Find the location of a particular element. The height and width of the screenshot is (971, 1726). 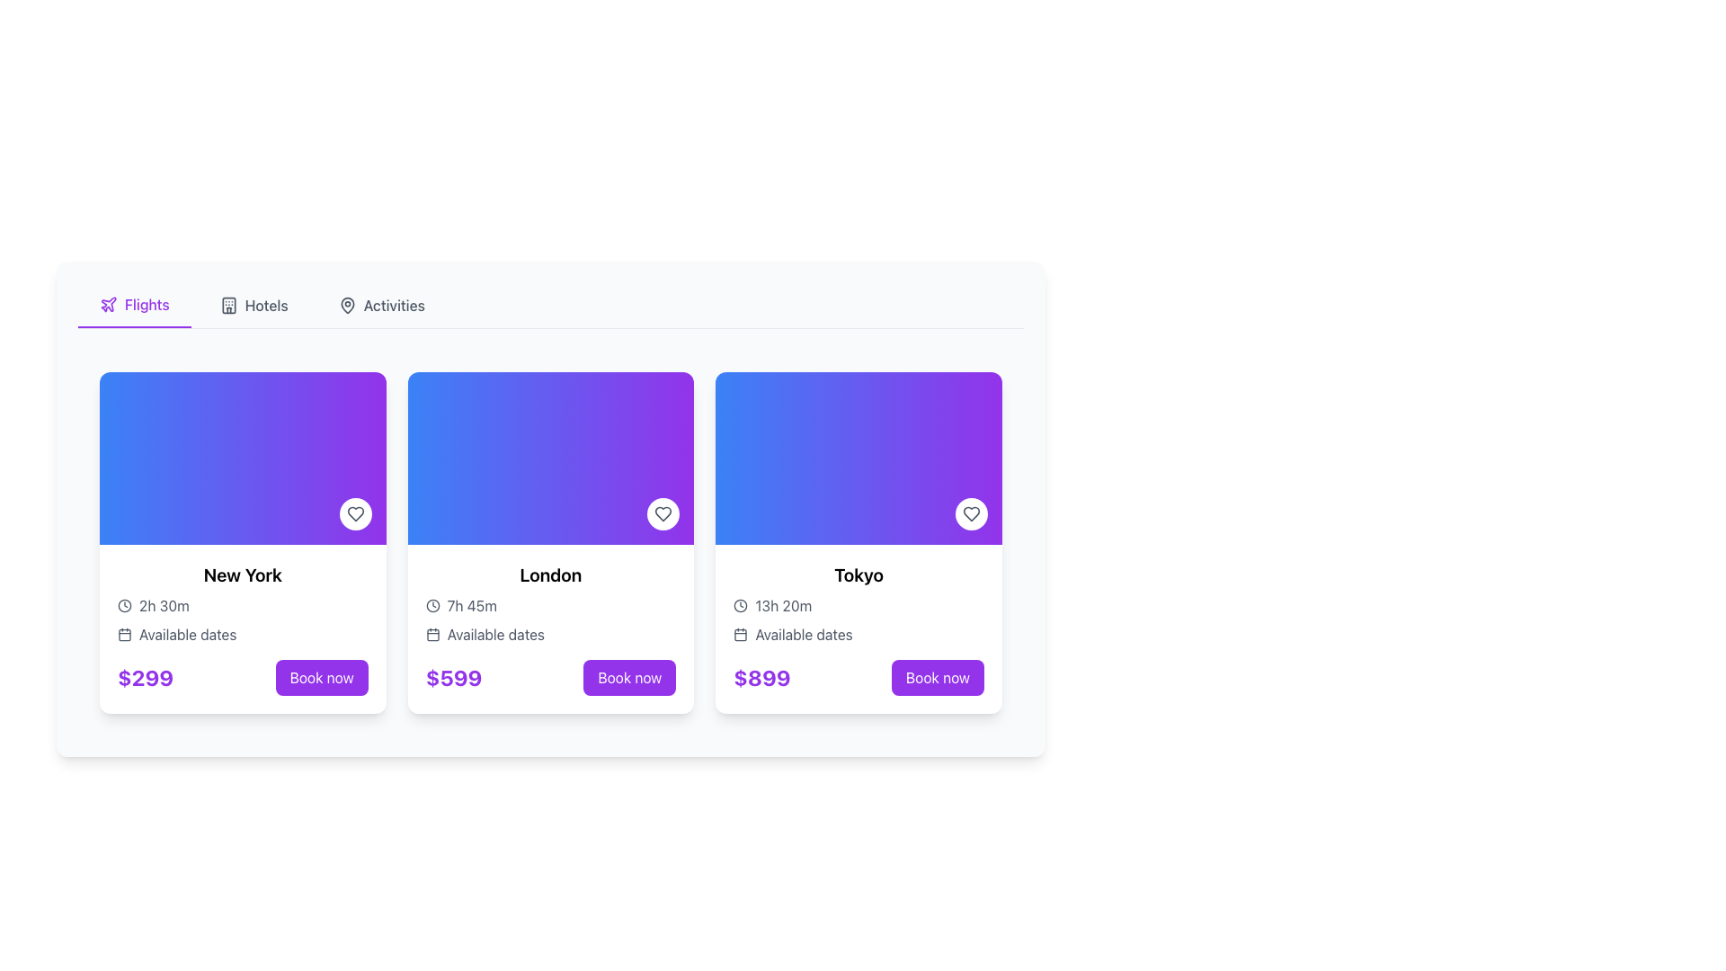

the 'like' button located in the bottom-right corner of the 'New York' card is located at coordinates (355, 513).